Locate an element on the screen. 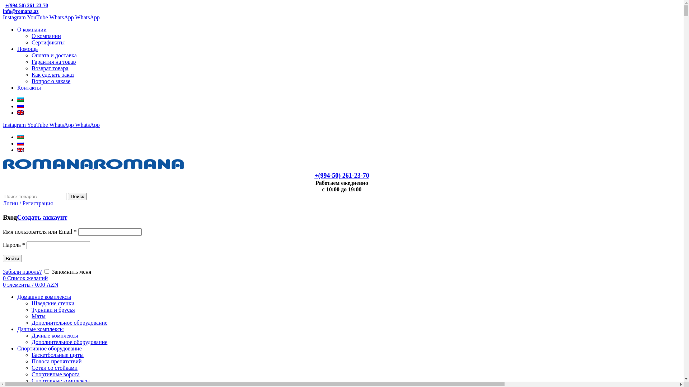 This screenshot has width=689, height=387. 'WhatsApp' is located at coordinates (62, 124).